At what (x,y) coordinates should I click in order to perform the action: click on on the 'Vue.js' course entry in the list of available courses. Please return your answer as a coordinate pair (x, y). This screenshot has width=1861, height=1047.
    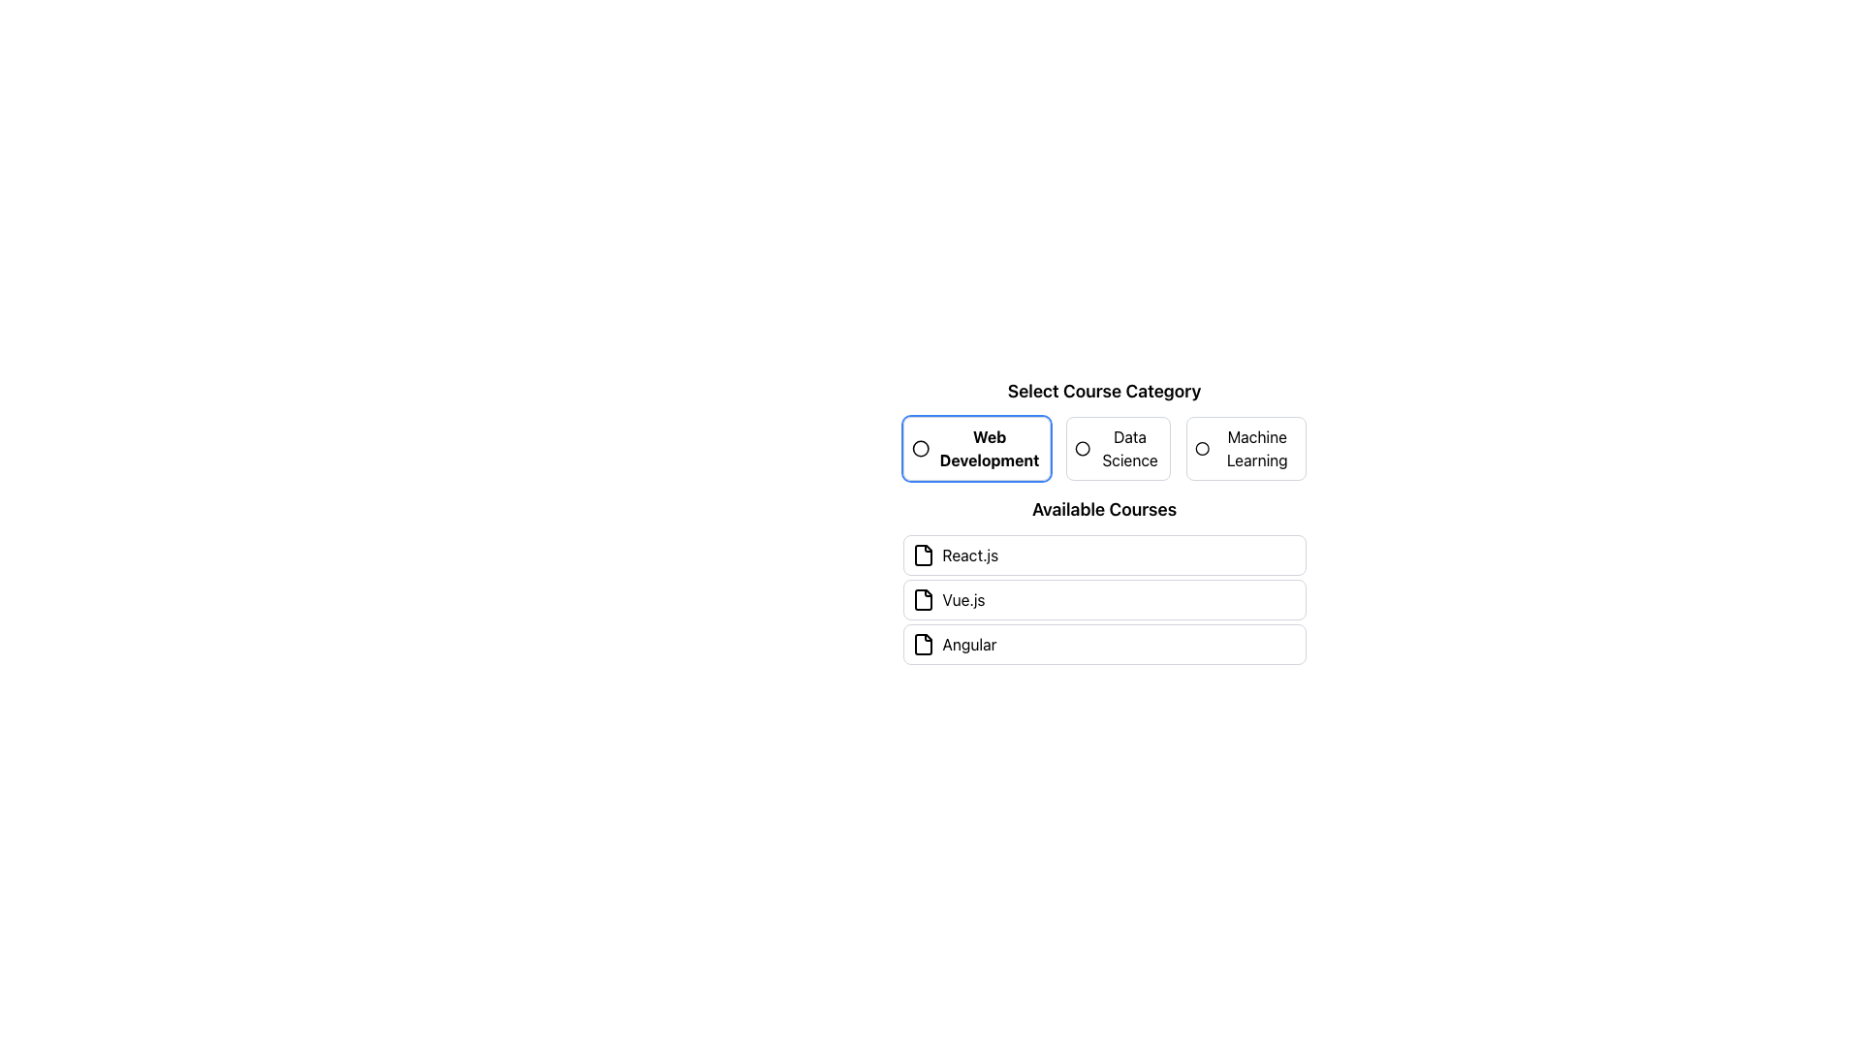
    Looking at the image, I should click on (1104, 598).